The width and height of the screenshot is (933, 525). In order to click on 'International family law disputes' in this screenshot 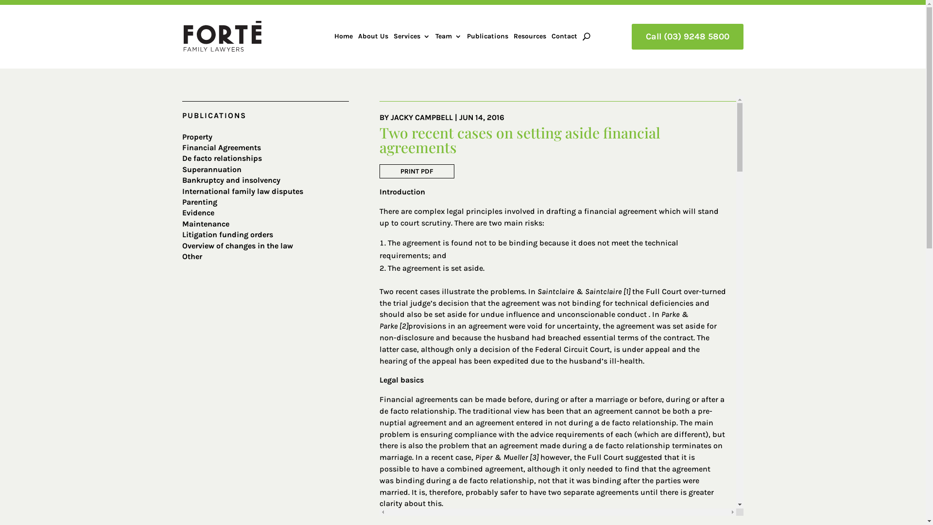, I will do `click(242, 191)`.